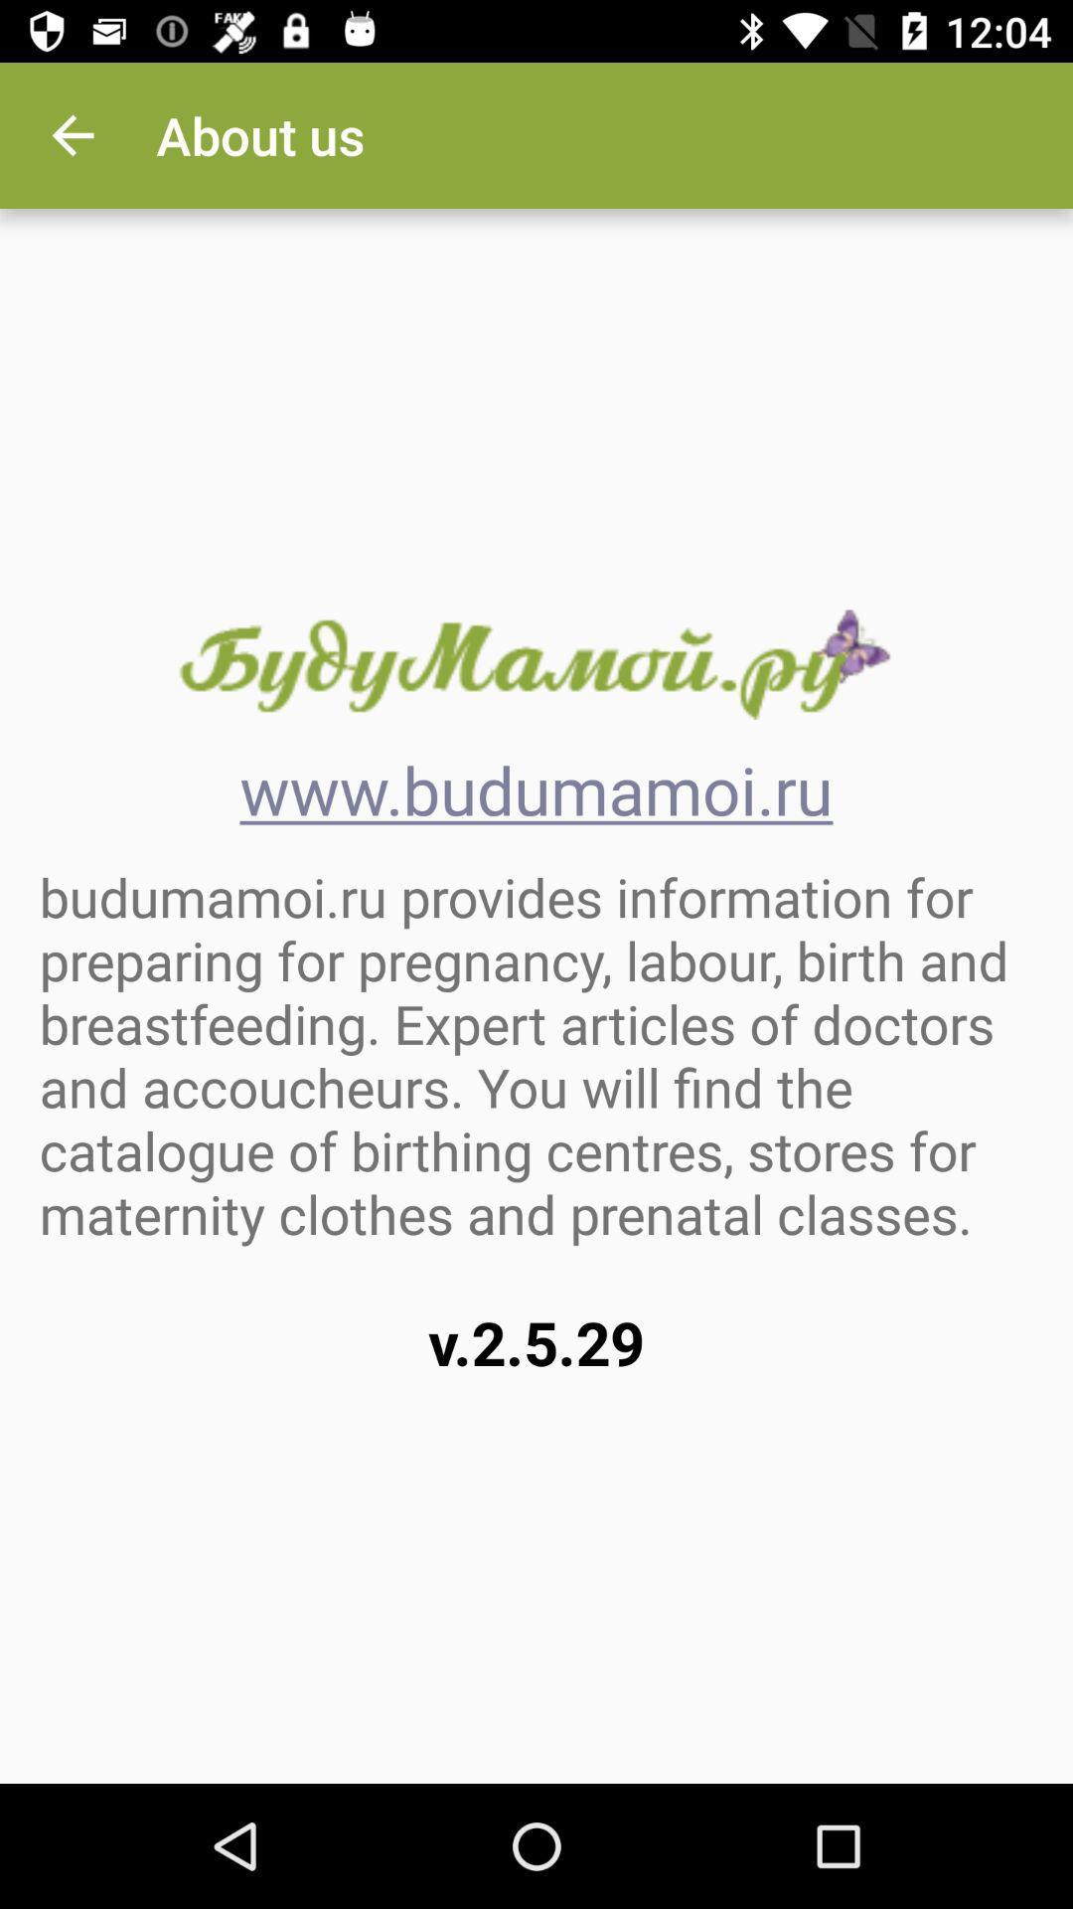  Describe the element at coordinates (72, 134) in the screenshot. I see `icon to the left of about us app` at that location.